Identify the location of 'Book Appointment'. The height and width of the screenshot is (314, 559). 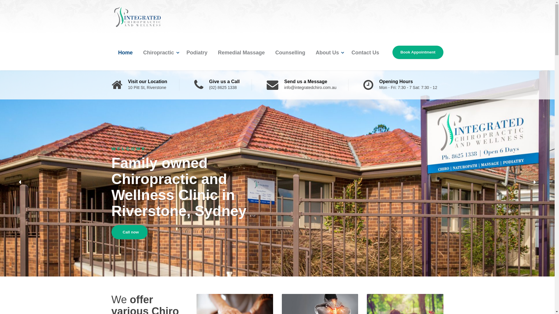
(418, 52).